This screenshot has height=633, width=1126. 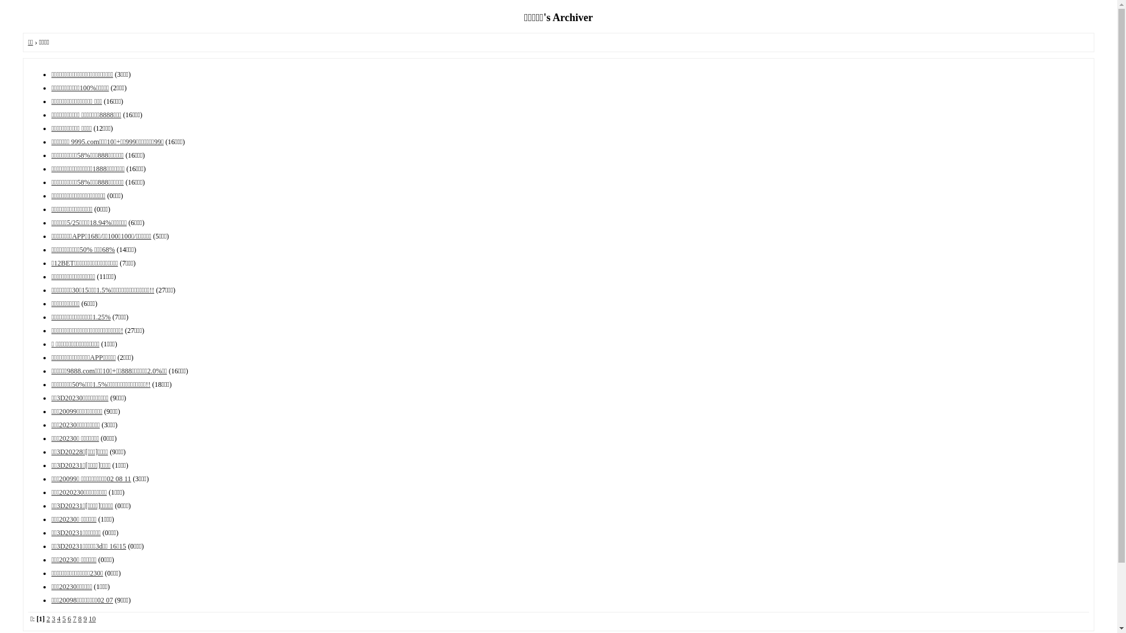 I want to click on '5', so click(x=63, y=618).